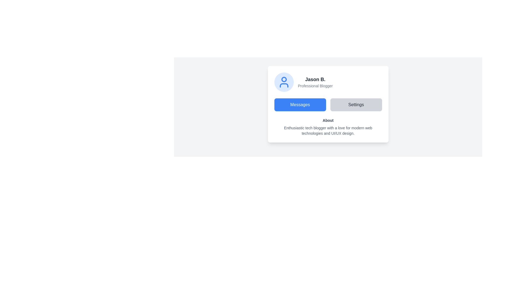 Image resolution: width=517 pixels, height=291 pixels. I want to click on the text label displaying 'Jason B.' in bold font, located in the profile summary section of a centered card, so click(315, 79).